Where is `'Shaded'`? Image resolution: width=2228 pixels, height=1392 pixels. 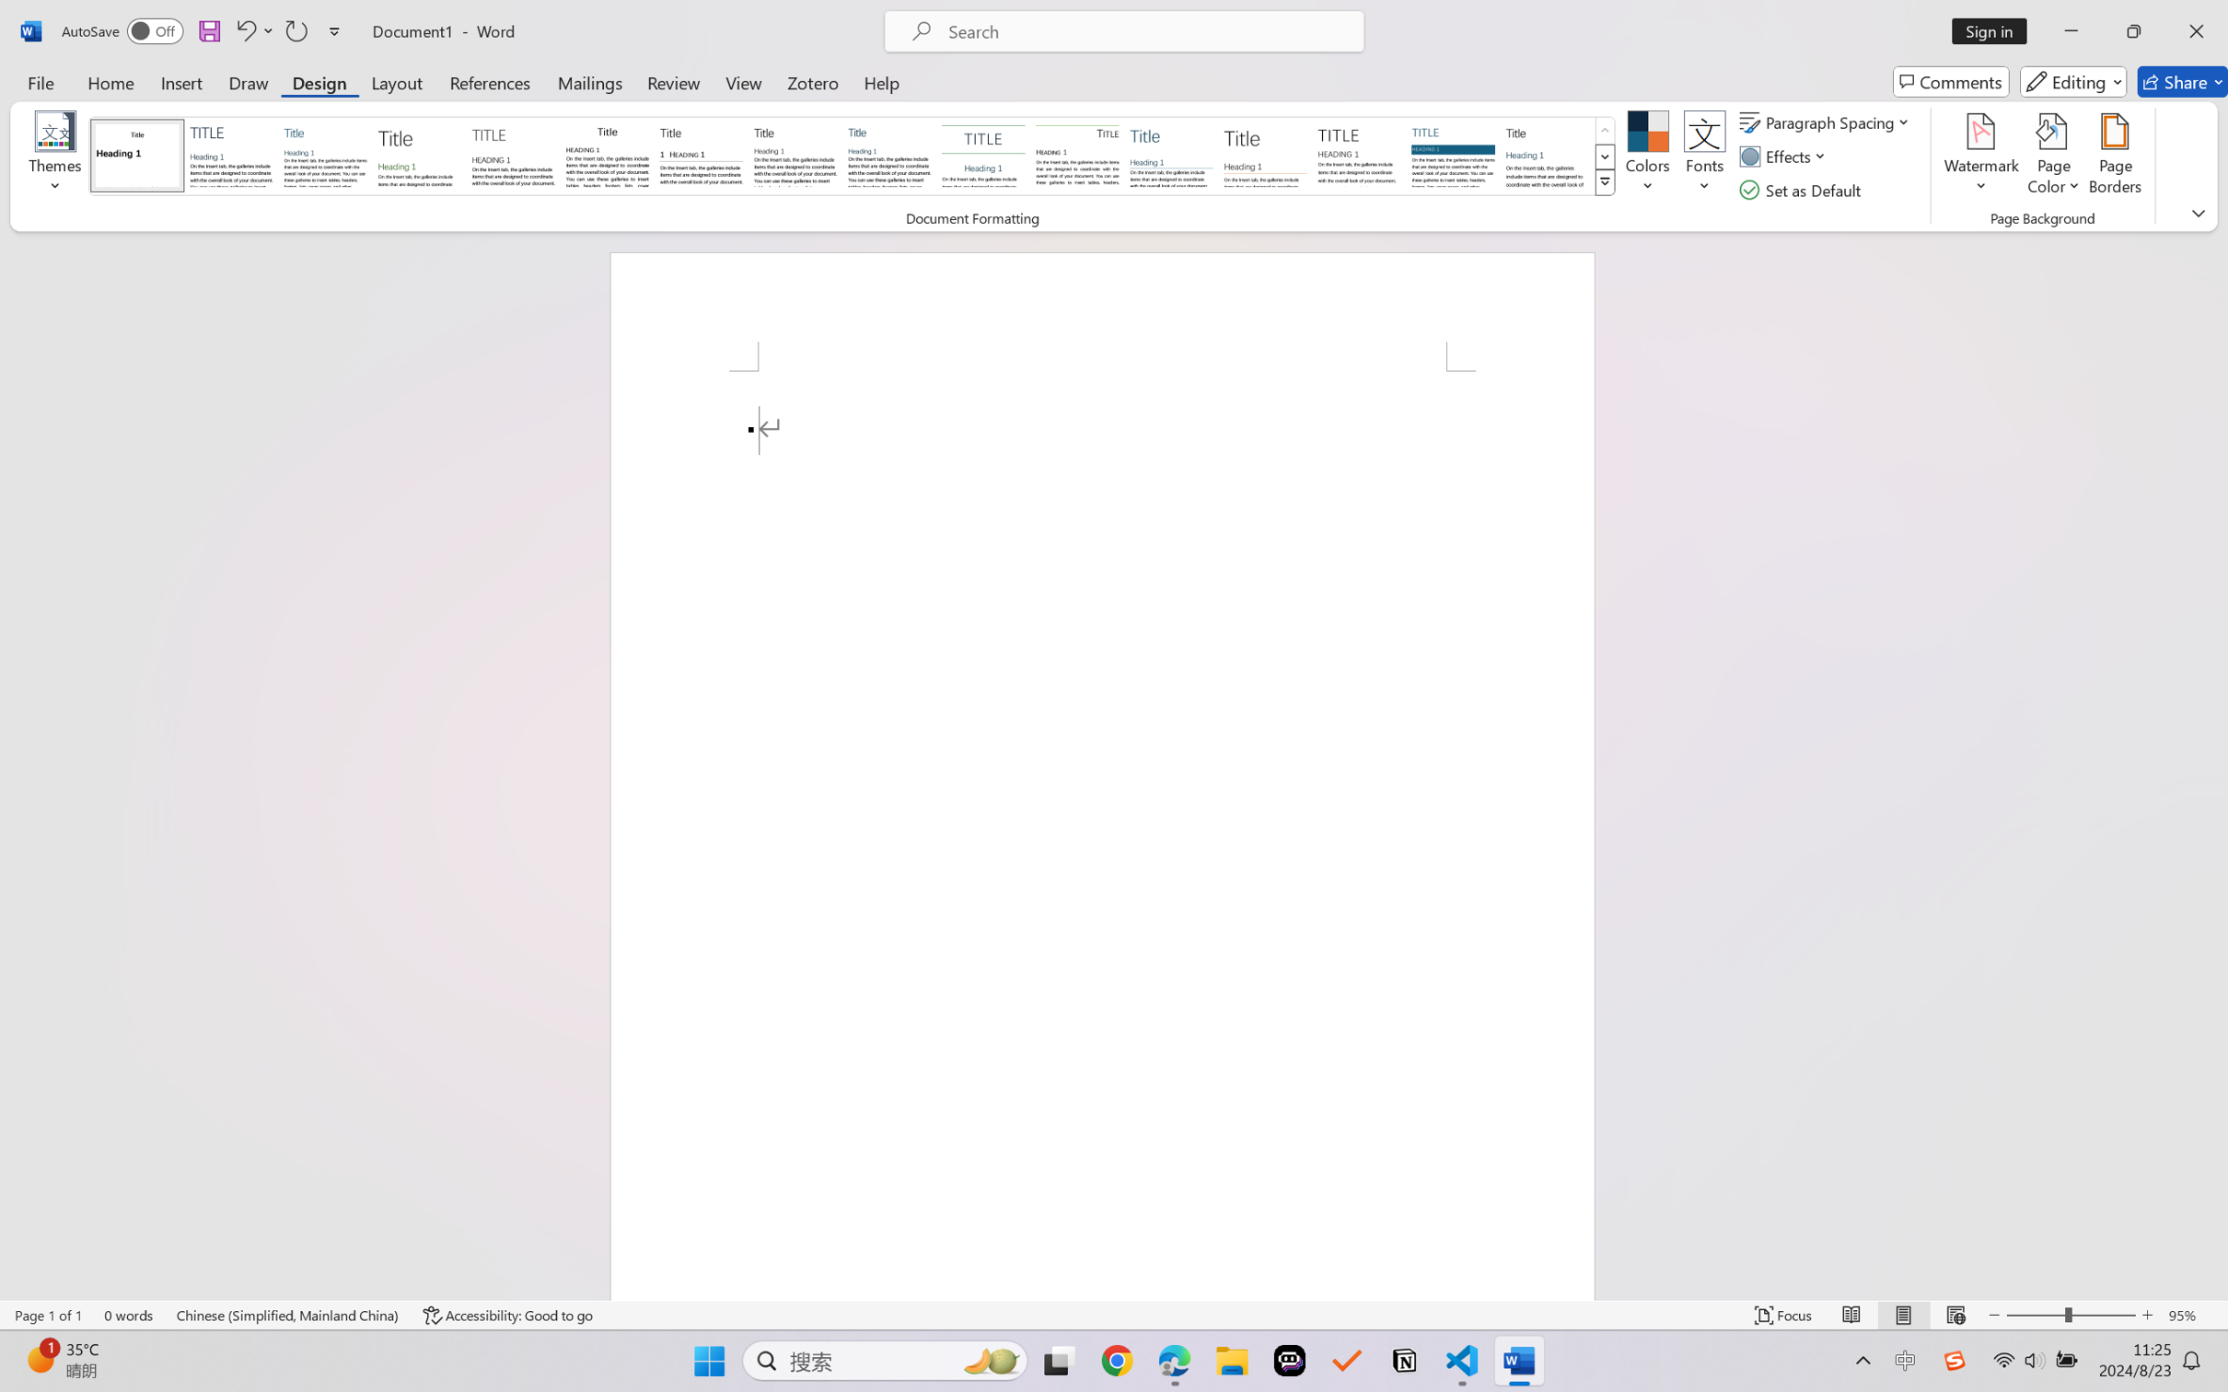
'Shaded' is located at coordinates (1452, 155).